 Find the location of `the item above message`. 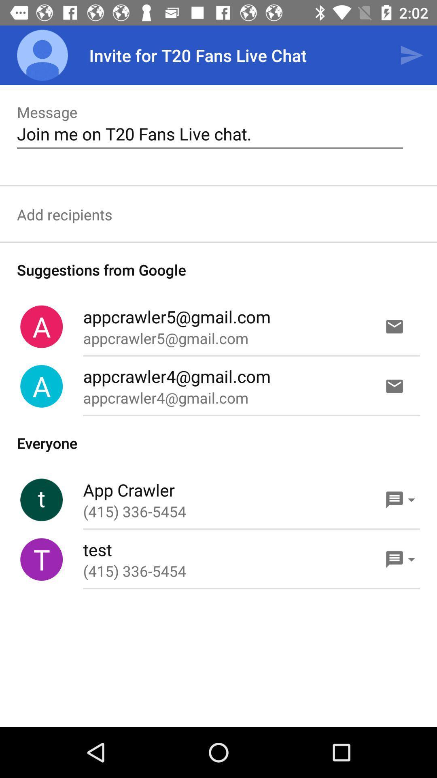

the item above message is located at coordinates (42, 55).